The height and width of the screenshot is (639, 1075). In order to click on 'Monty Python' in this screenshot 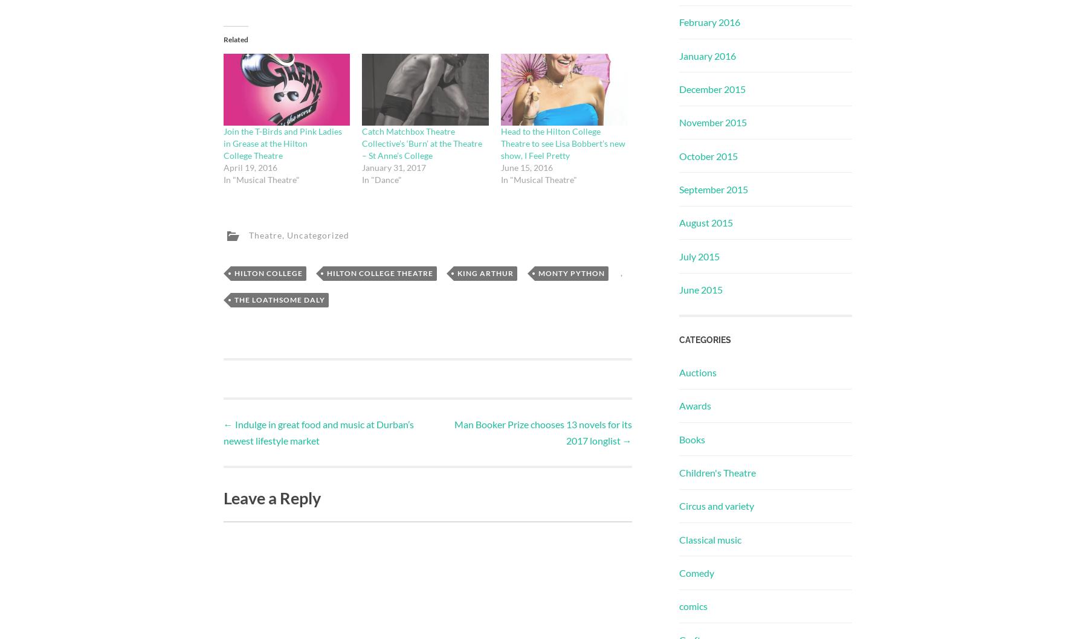, I will do `click(570, 272)`.